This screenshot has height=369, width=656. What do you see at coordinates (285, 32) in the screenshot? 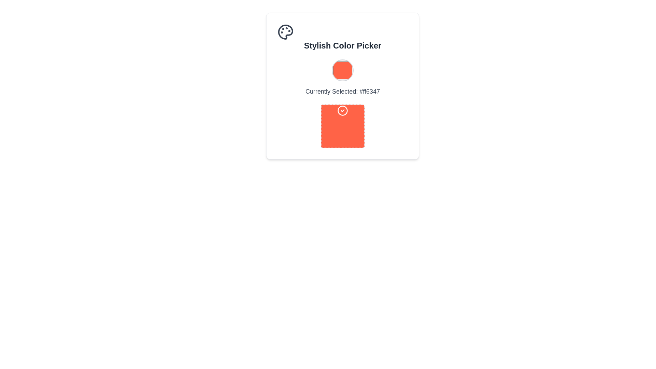
I see `the artist's palette icon component located in the top-left corner of the card UI, which features a minimalist design with circular wells for paint` at bounding box center [285, 32].